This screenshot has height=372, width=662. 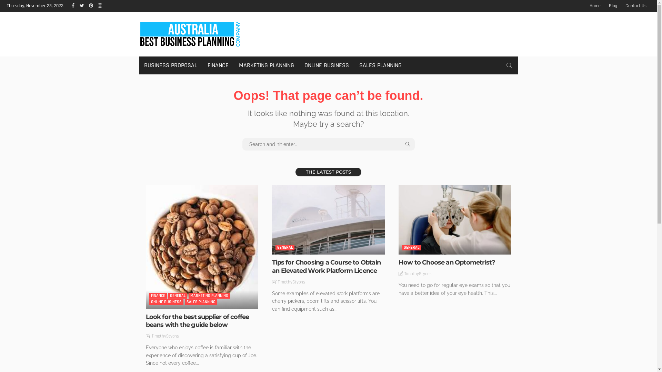 I want to click on 'Home', so click(x=585, y=6).